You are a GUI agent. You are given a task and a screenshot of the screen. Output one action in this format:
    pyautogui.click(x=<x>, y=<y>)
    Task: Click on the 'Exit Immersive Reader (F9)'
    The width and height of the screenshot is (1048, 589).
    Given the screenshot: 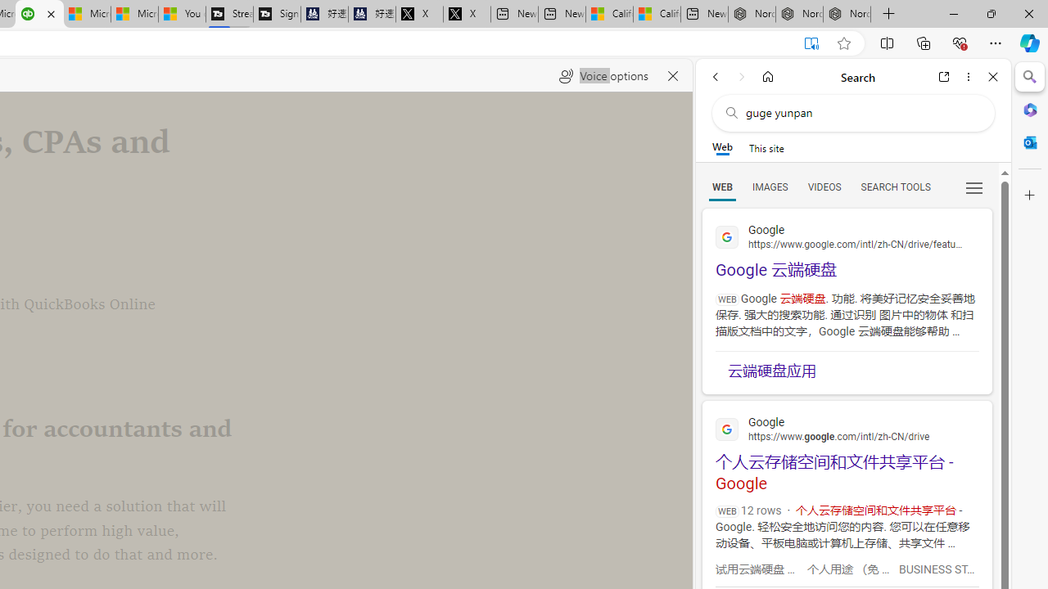 What is the action you would take?
    pyautogui.click(x=811, y=43)
    